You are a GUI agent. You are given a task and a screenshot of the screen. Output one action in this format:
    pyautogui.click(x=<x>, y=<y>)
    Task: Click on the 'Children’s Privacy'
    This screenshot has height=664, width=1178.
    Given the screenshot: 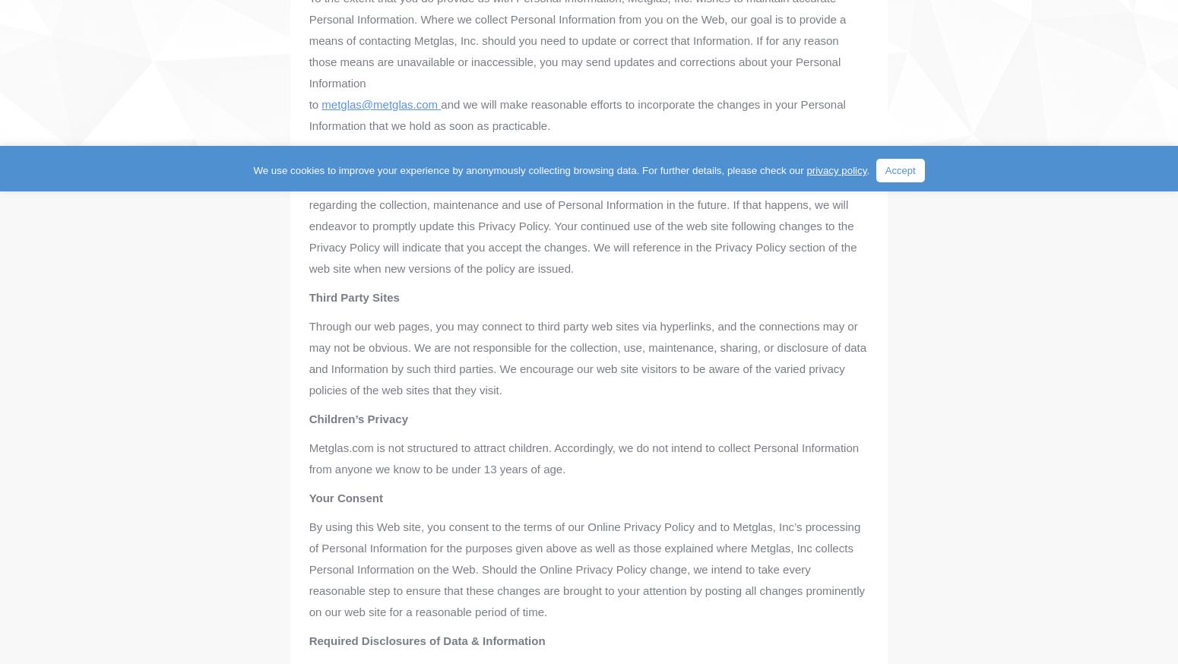 What is the action you would take?
    pyautogui.click(x=357, y=419)
    